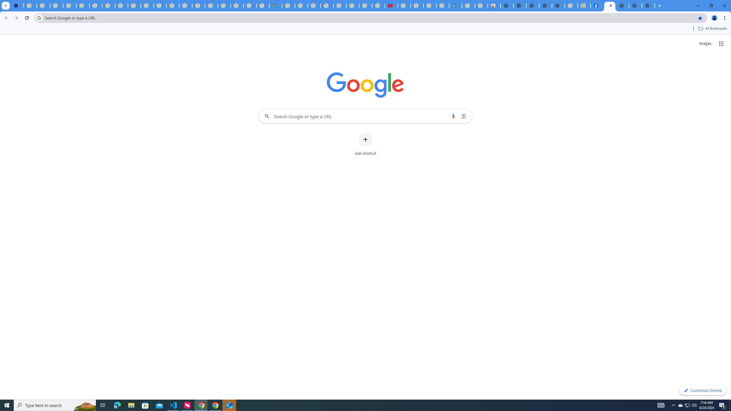 This screenshot has height=411, width=731. What do you see at coordinates (712, 28) in the screenshot?
I see `'All Bookmarks'` at bounding box center [712, 28].